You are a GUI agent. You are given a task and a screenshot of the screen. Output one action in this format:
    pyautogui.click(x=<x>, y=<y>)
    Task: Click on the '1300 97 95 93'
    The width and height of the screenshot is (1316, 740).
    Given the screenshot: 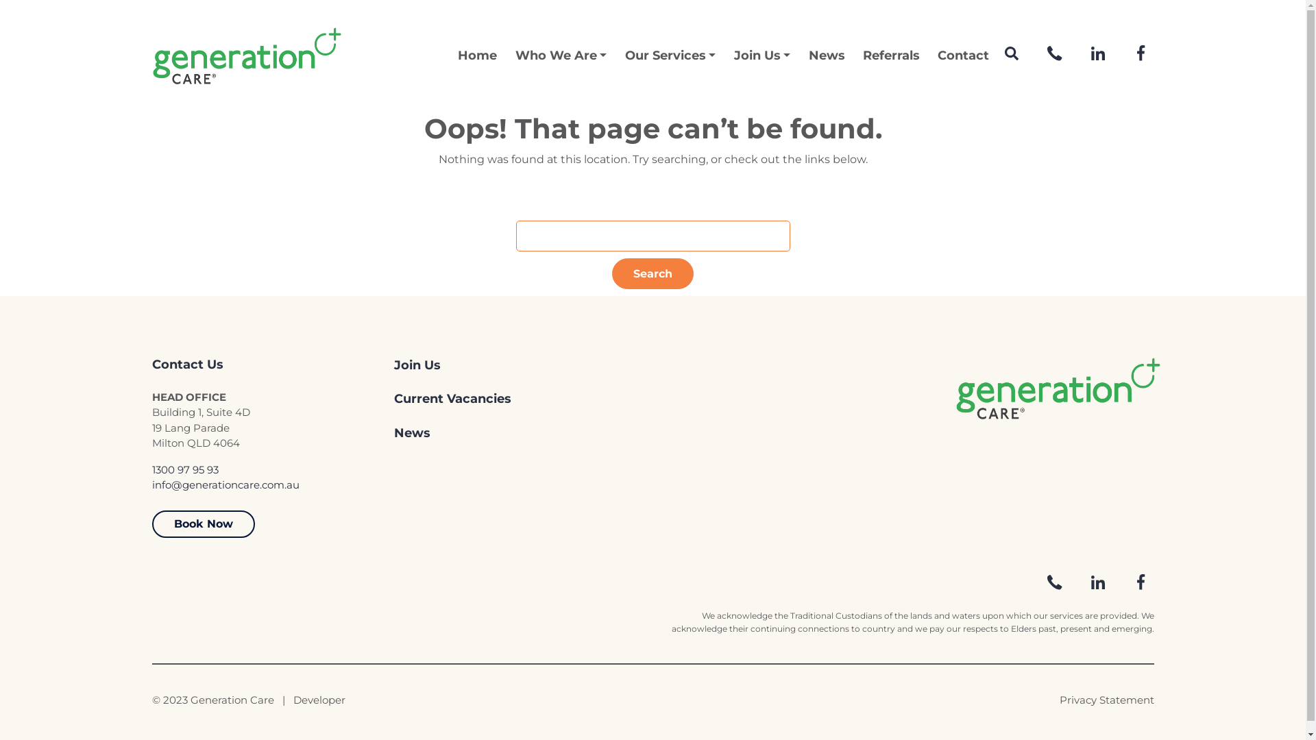 What is the action you would take?
    pyautogui.click(x=184, y=469)
    